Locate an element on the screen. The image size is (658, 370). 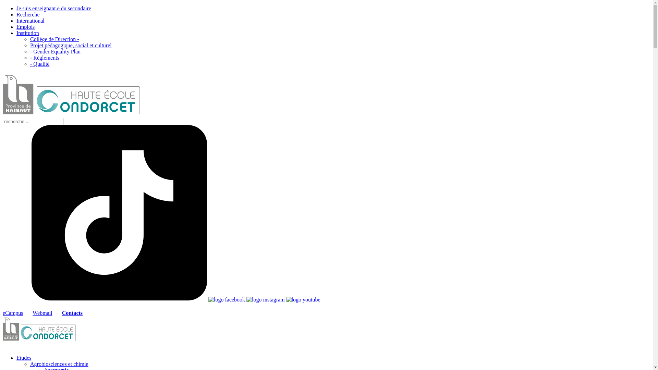
'Etudes' is located at coordinates (24, 357).